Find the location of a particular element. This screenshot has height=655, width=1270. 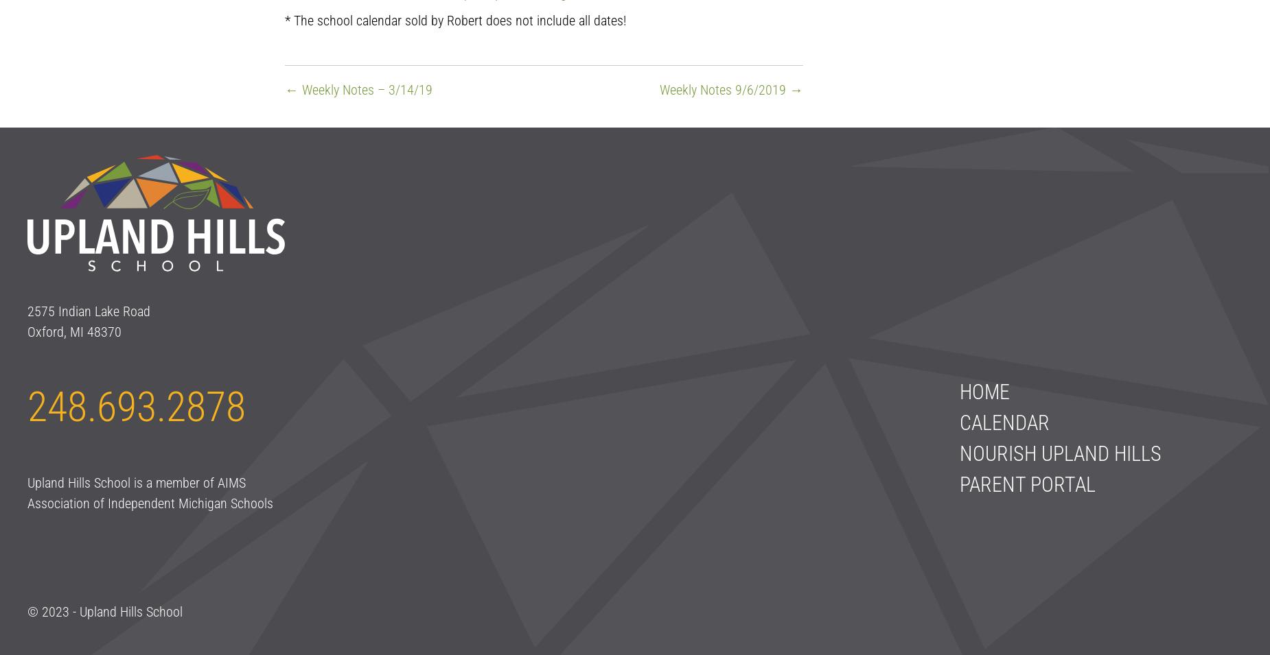

'CALENDAR' is located at coordinates (958, 422).